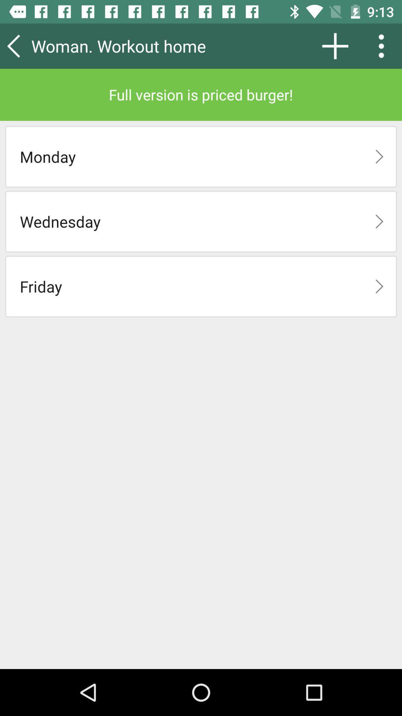 This screenshot has height=716, width=402. I want to click on the add icon, so click(335, 45).